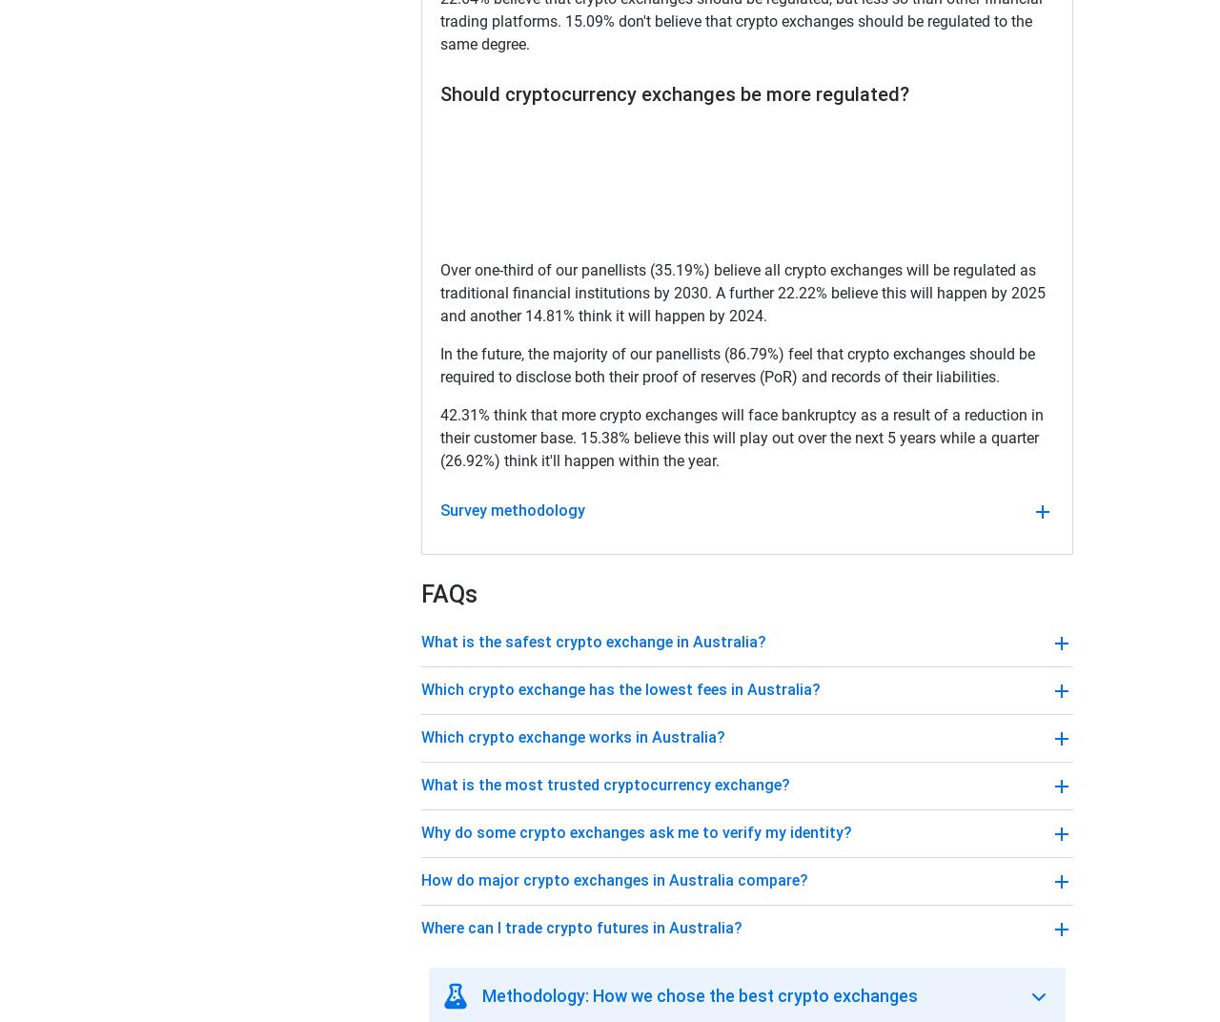  Describe the element at coordinates (614, 880) in the screenshot. I see `'How do major crypto exchanges in Australia compare?'` at that location.